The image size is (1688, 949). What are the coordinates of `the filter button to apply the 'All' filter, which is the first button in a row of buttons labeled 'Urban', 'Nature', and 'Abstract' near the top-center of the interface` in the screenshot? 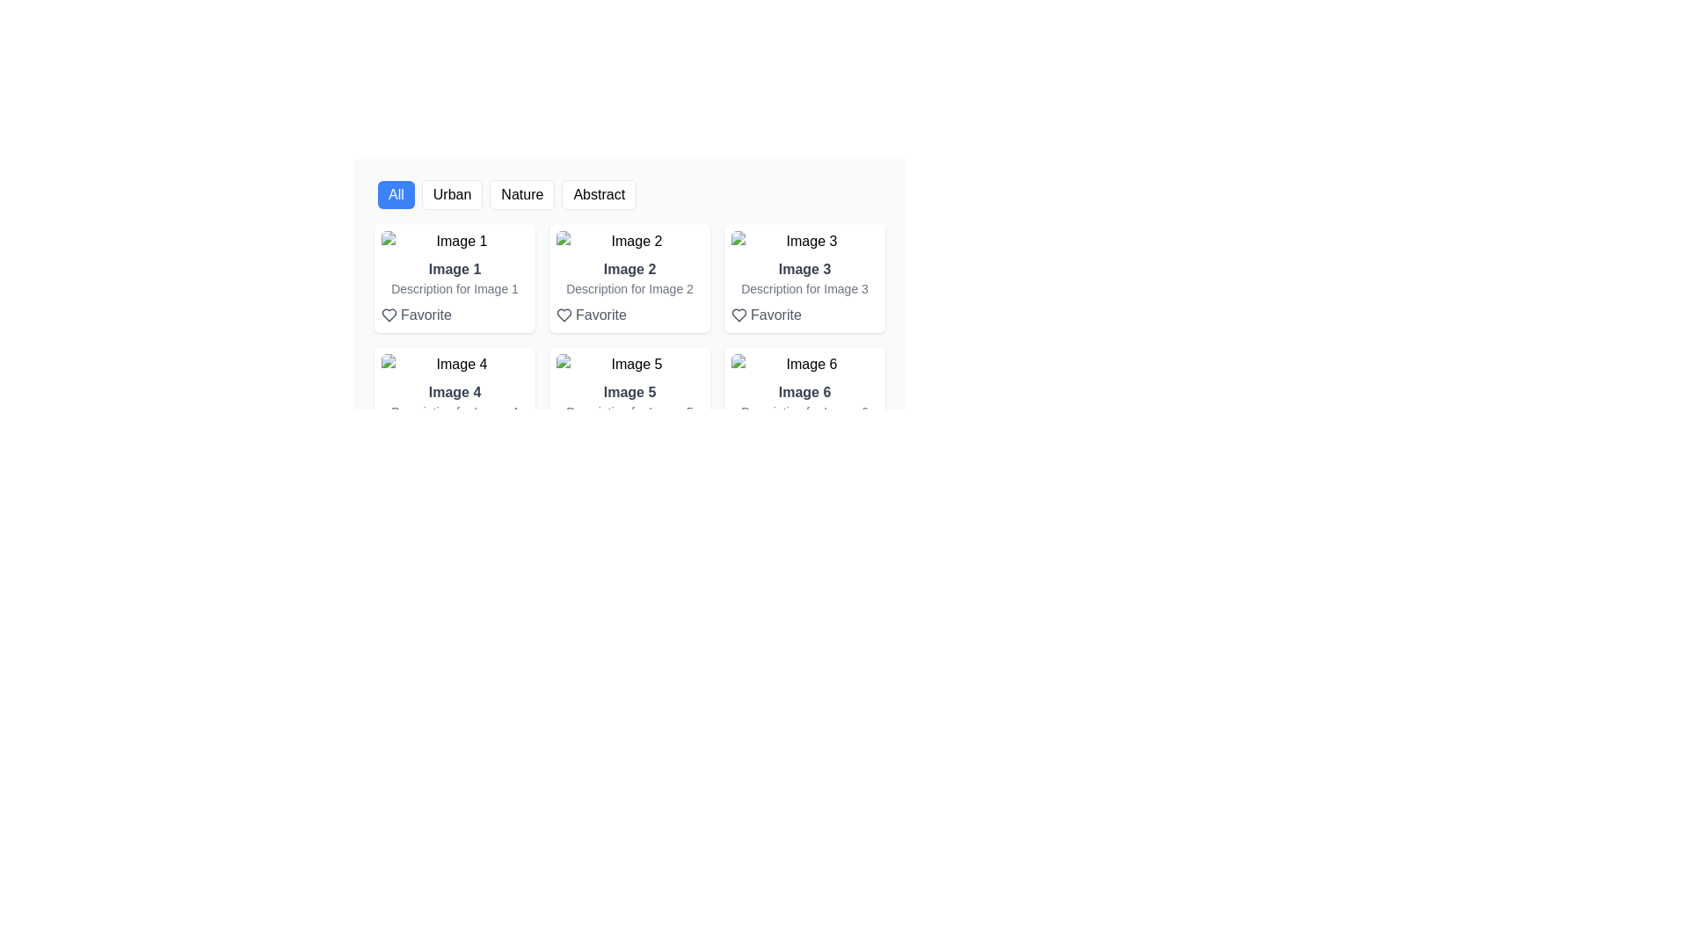 It's located at (395, 195).